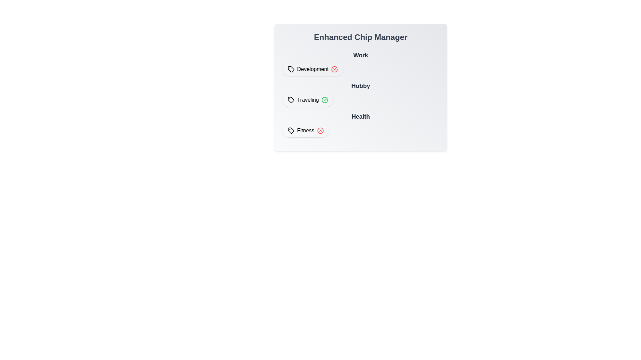 The height and width of the screenshot is (360, 641). Describe the element at coordinates (305, 131) in the screenshot. I see `the chip labeled Fitness` at that location.